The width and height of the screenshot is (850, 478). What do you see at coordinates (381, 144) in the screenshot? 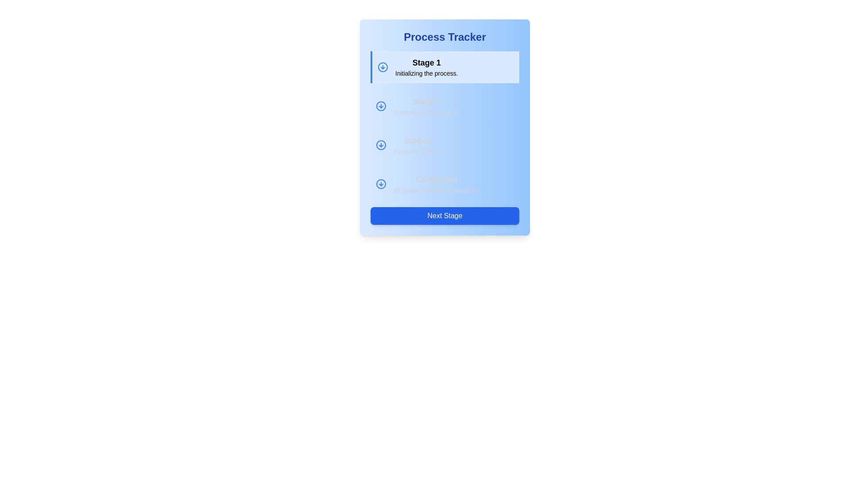
I see `the circular blue icon with a downward-pointing arrow, located to the left of the text 'Stage 3' in the 'Process Tracker' panel` at bounding box center [381, 144].